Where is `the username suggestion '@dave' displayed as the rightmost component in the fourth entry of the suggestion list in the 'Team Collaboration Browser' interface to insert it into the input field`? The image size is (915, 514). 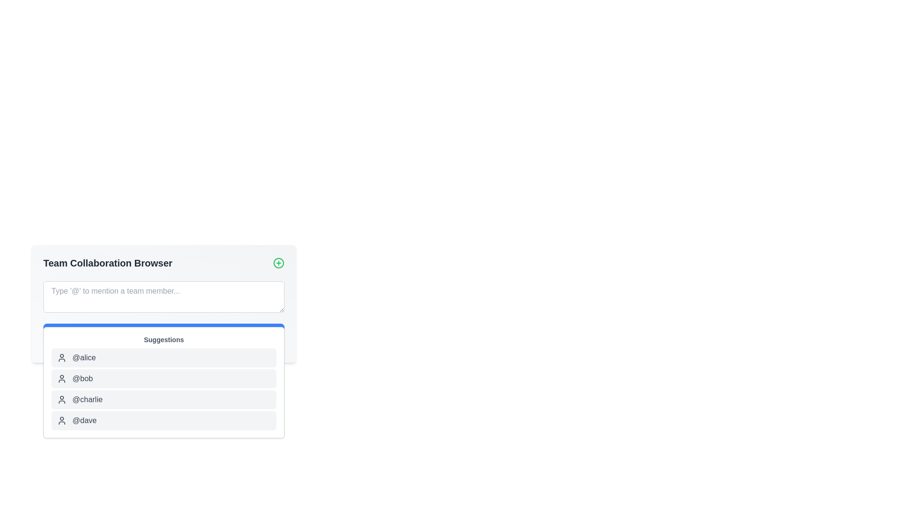
the username suggestion '@dave' displayed as the rightmost component in the fourth entry of the suggestion list in the 'Team Collaboration Browser' interface to insert it into the input field is located at coordinates (84, 420).